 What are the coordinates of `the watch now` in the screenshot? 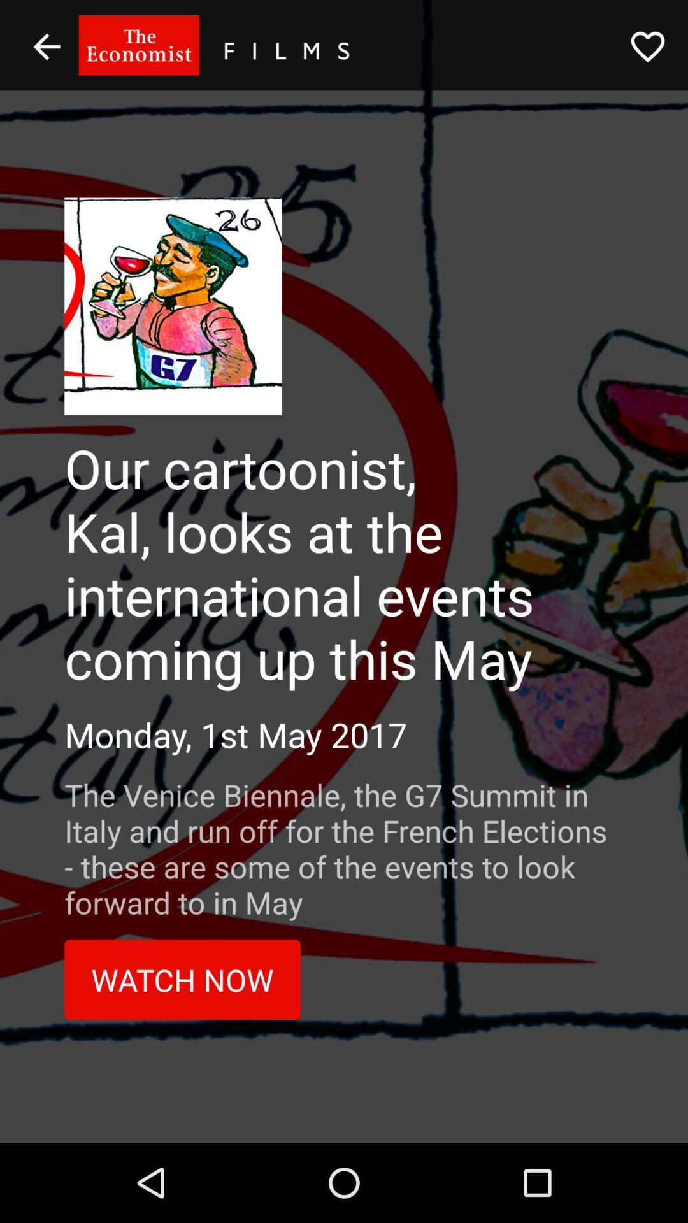 It's located at (182, 979).